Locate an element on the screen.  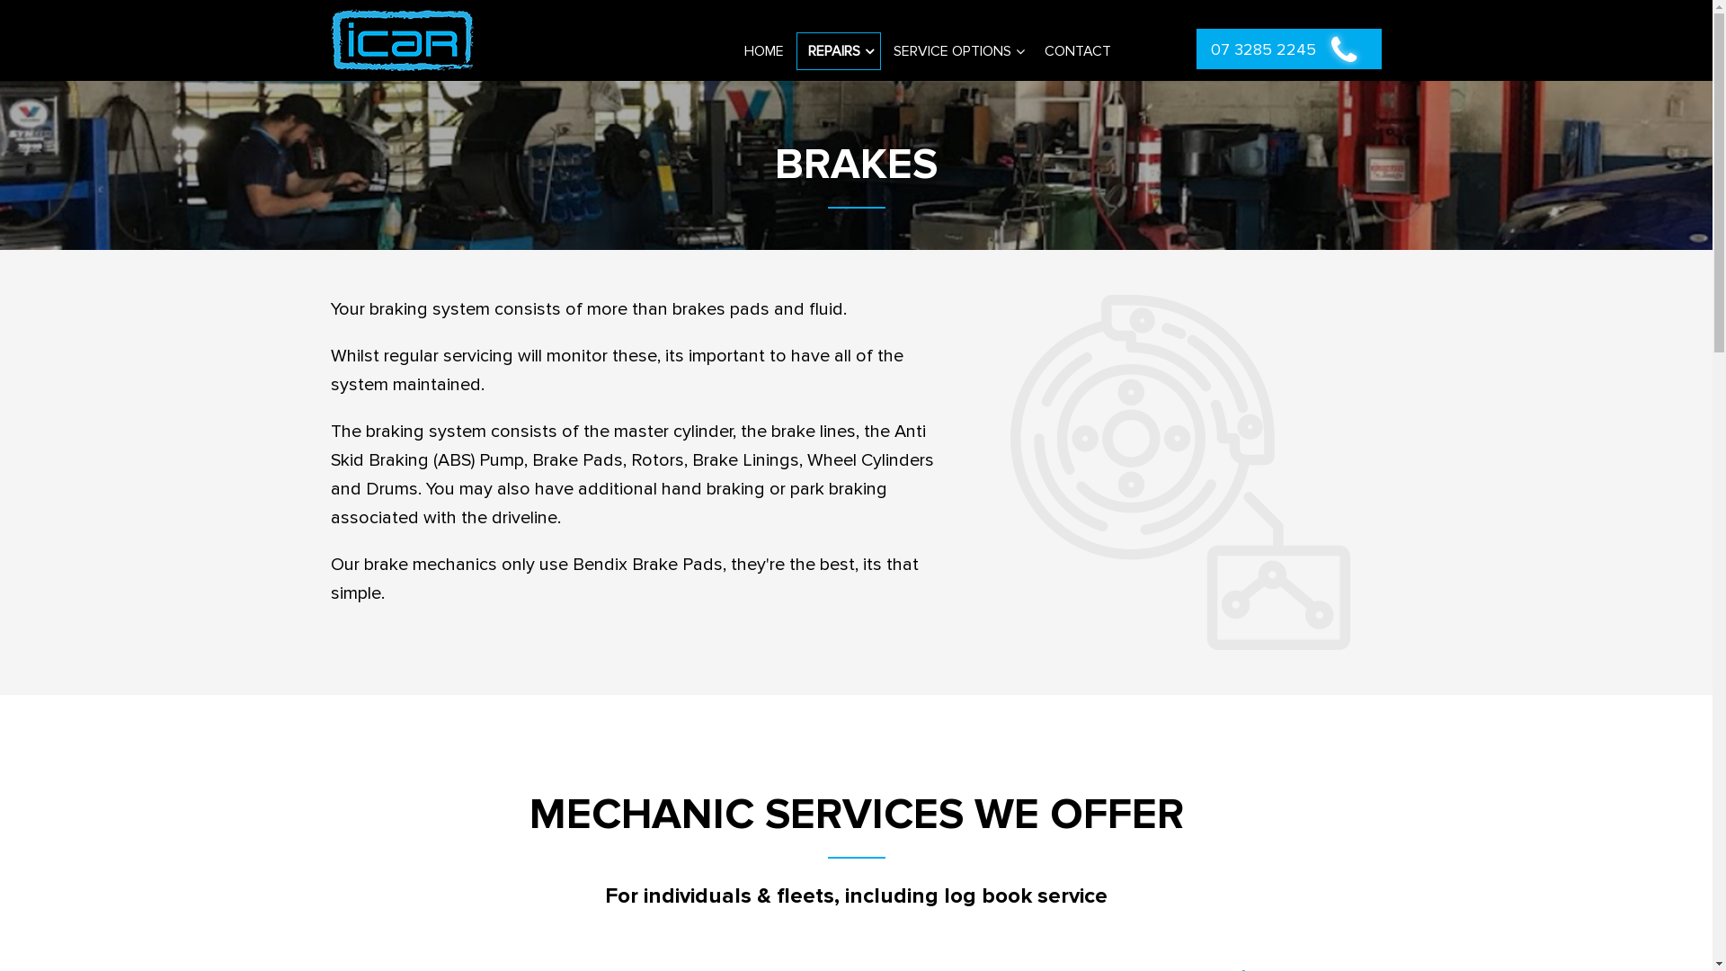
'SERVICE OPTIONS' is located at coordinates (881, 50).